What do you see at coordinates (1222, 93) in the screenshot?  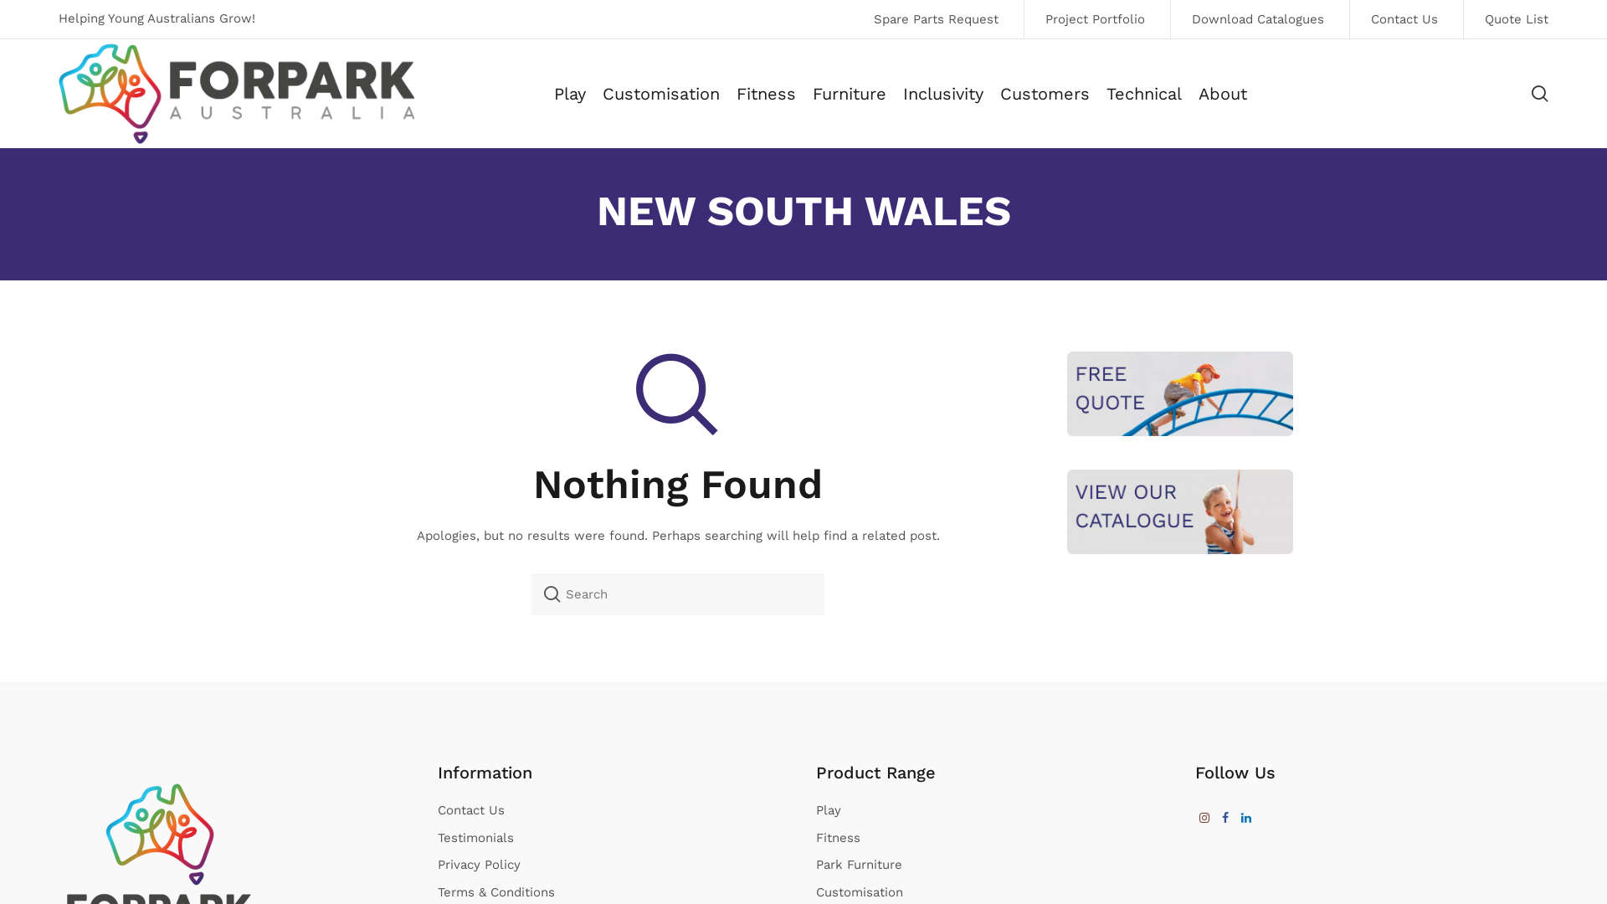 I see `'About'` at bounding box center [1222, 93].